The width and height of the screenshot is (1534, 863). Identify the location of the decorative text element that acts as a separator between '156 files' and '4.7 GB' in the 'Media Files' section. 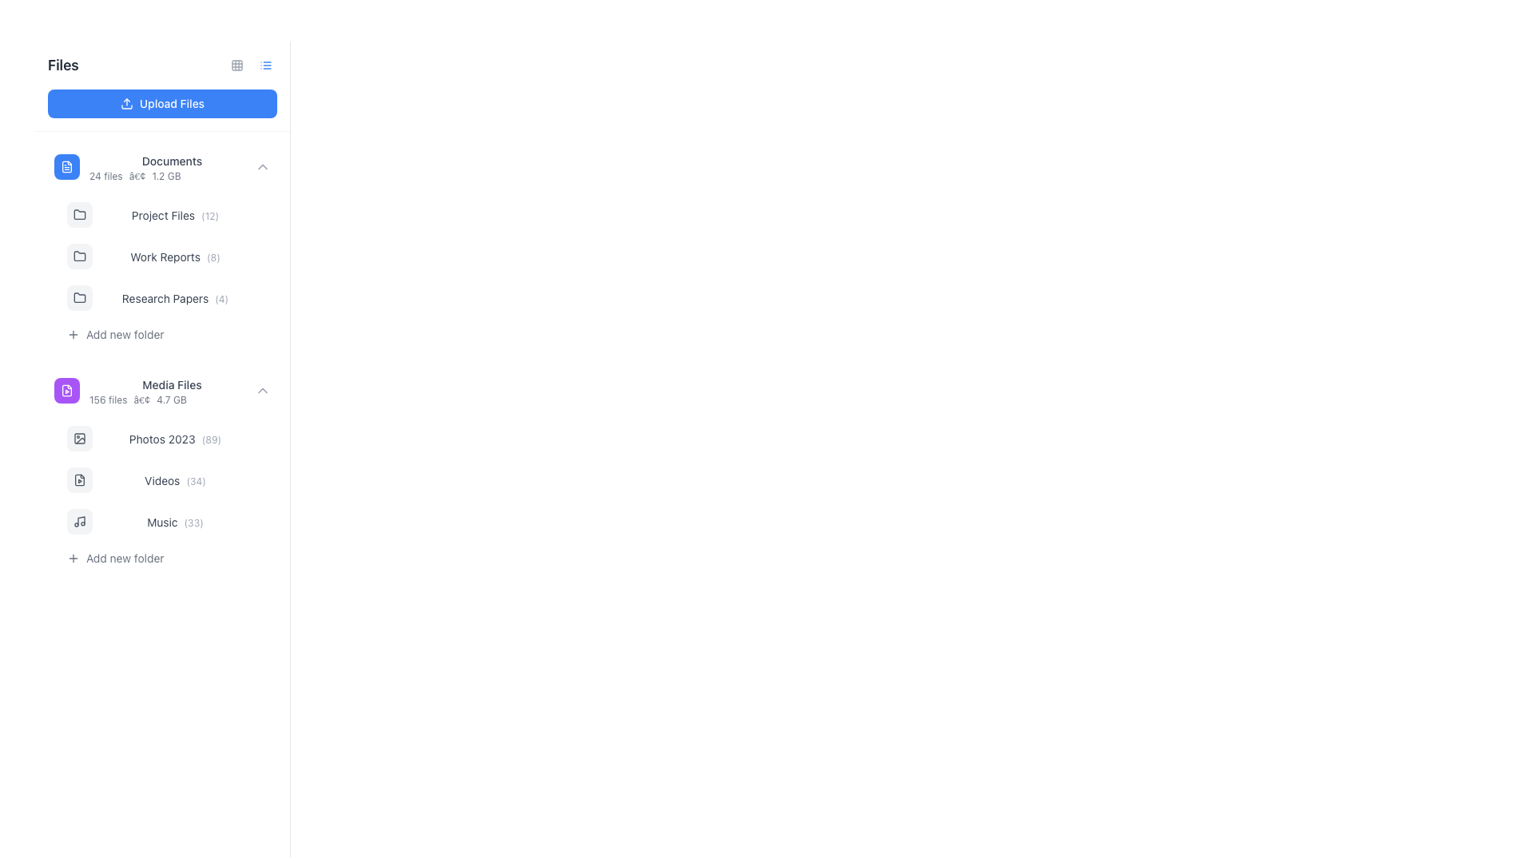
(141, 400).